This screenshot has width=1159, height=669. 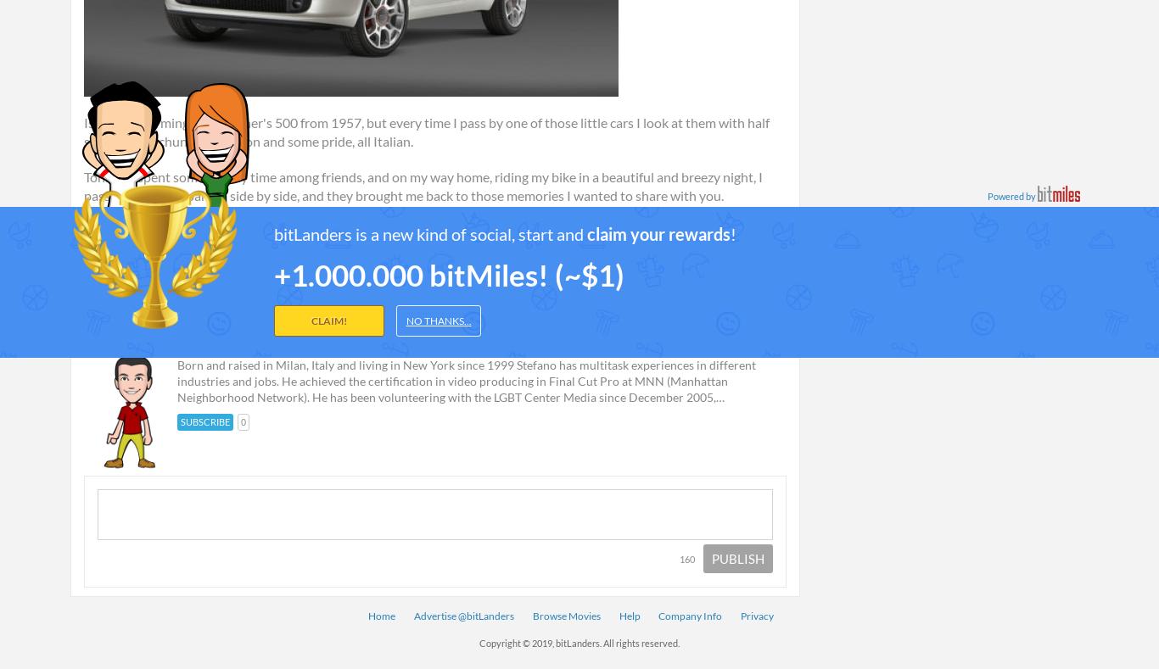 What do you see at coordinates (314, 247) in the screenshot?
I see `'#road'` at bounding box center [314, 247].